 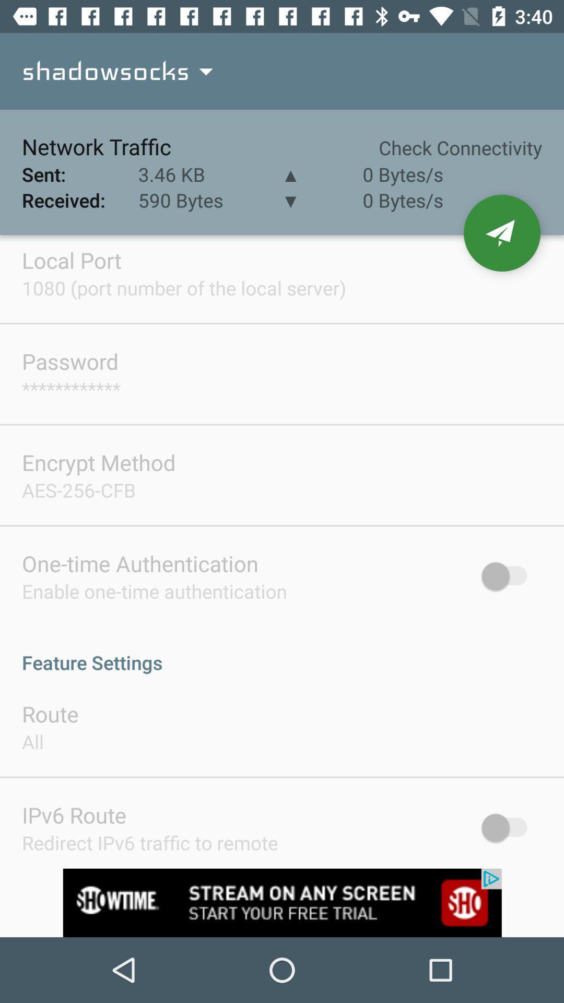 I want to click on advertisement, so click(x=282, y=902).